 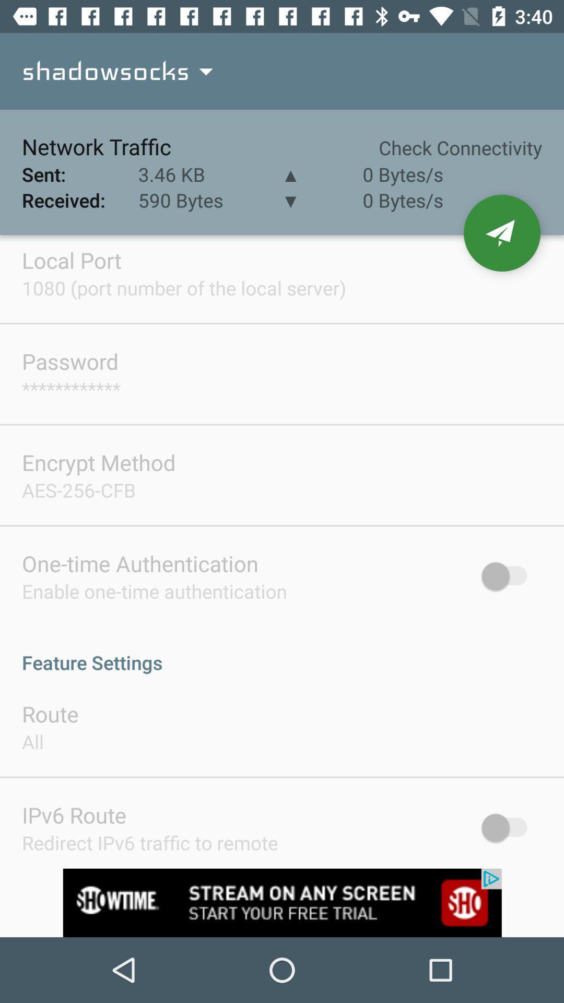 I want to click on advertisement, so click(x=282, y=902).